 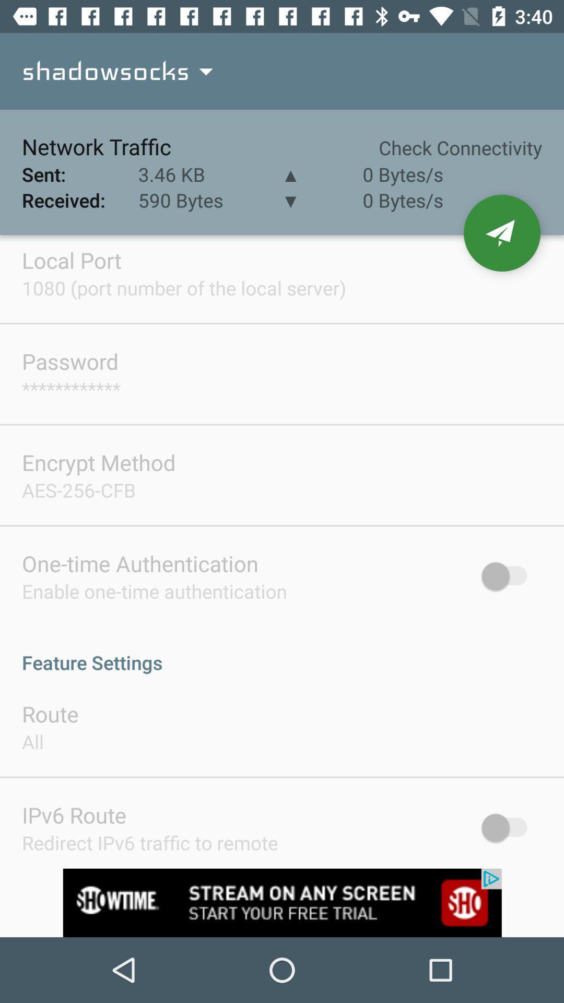 I want to click on advertisement, so click(x=282, y=902).